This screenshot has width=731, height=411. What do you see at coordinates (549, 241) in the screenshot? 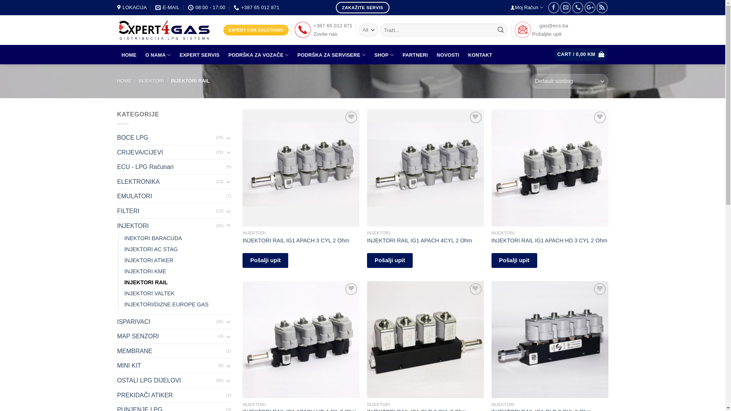
I see `'INJEKTORI RAIL IG1 APACH HD 3 CYL 2 Ohm'` at bounding box center [549, 241].